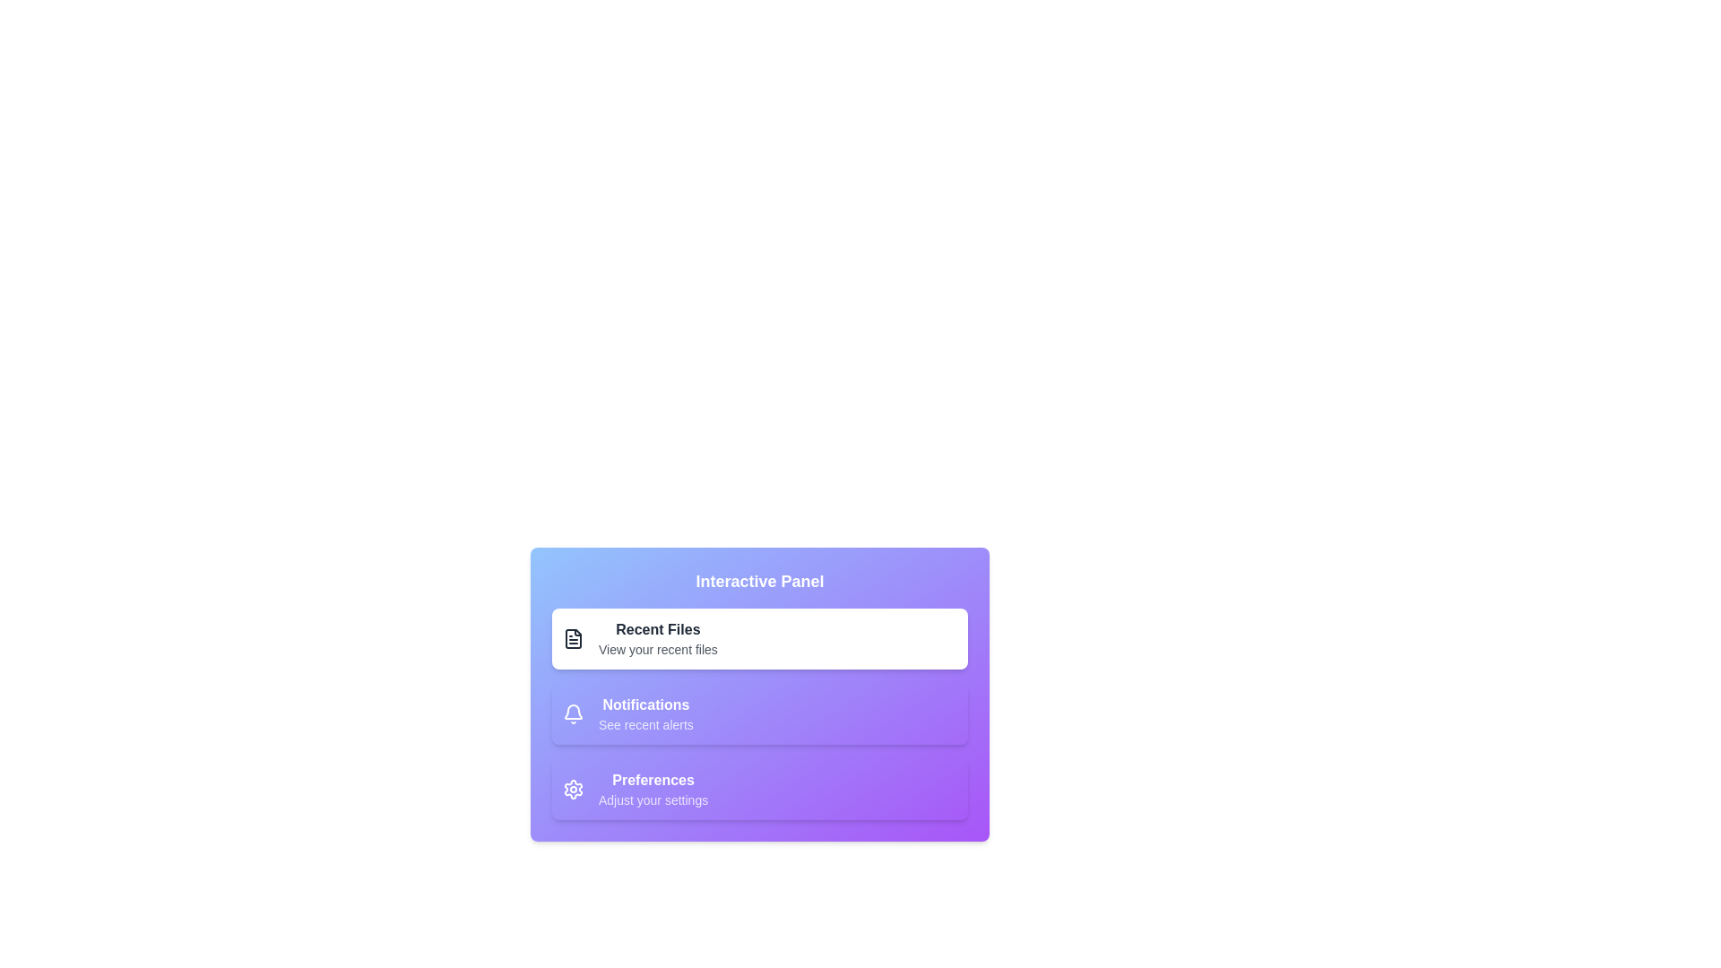  I want to click on the section represented by Recent Files, so click(572, 638).